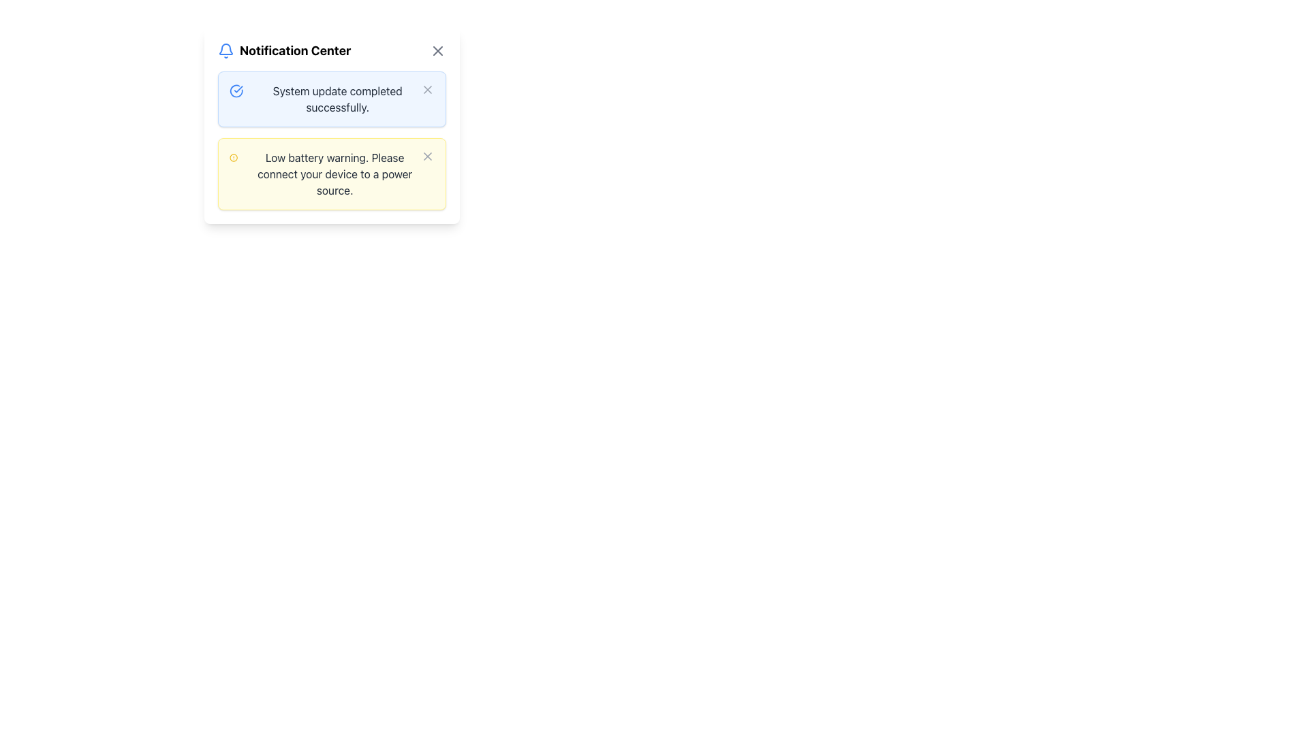 The image size is (1308, 735). I want to click on the small gray button with an 'X' icon located at the top-right corner of the blue notification card that indicates 'System update completed successfully', so click(427, 89).